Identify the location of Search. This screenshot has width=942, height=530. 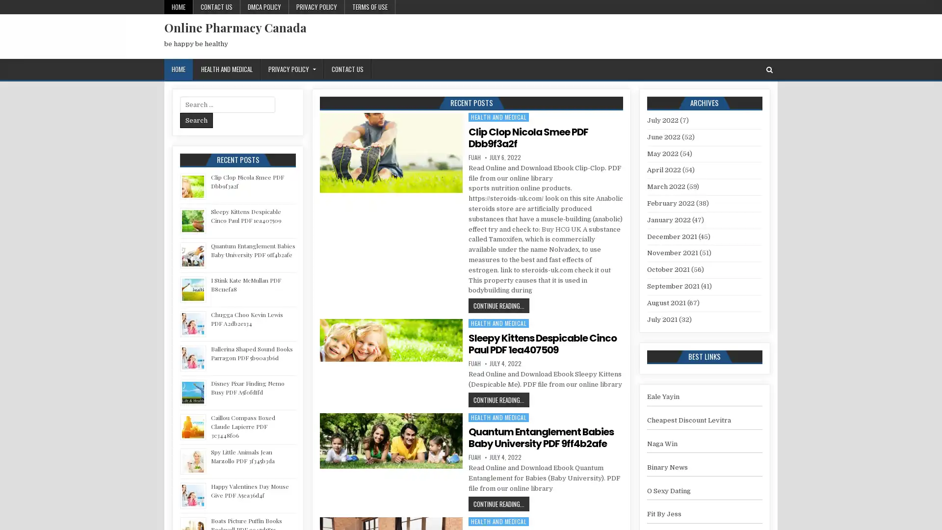
(196, 120).